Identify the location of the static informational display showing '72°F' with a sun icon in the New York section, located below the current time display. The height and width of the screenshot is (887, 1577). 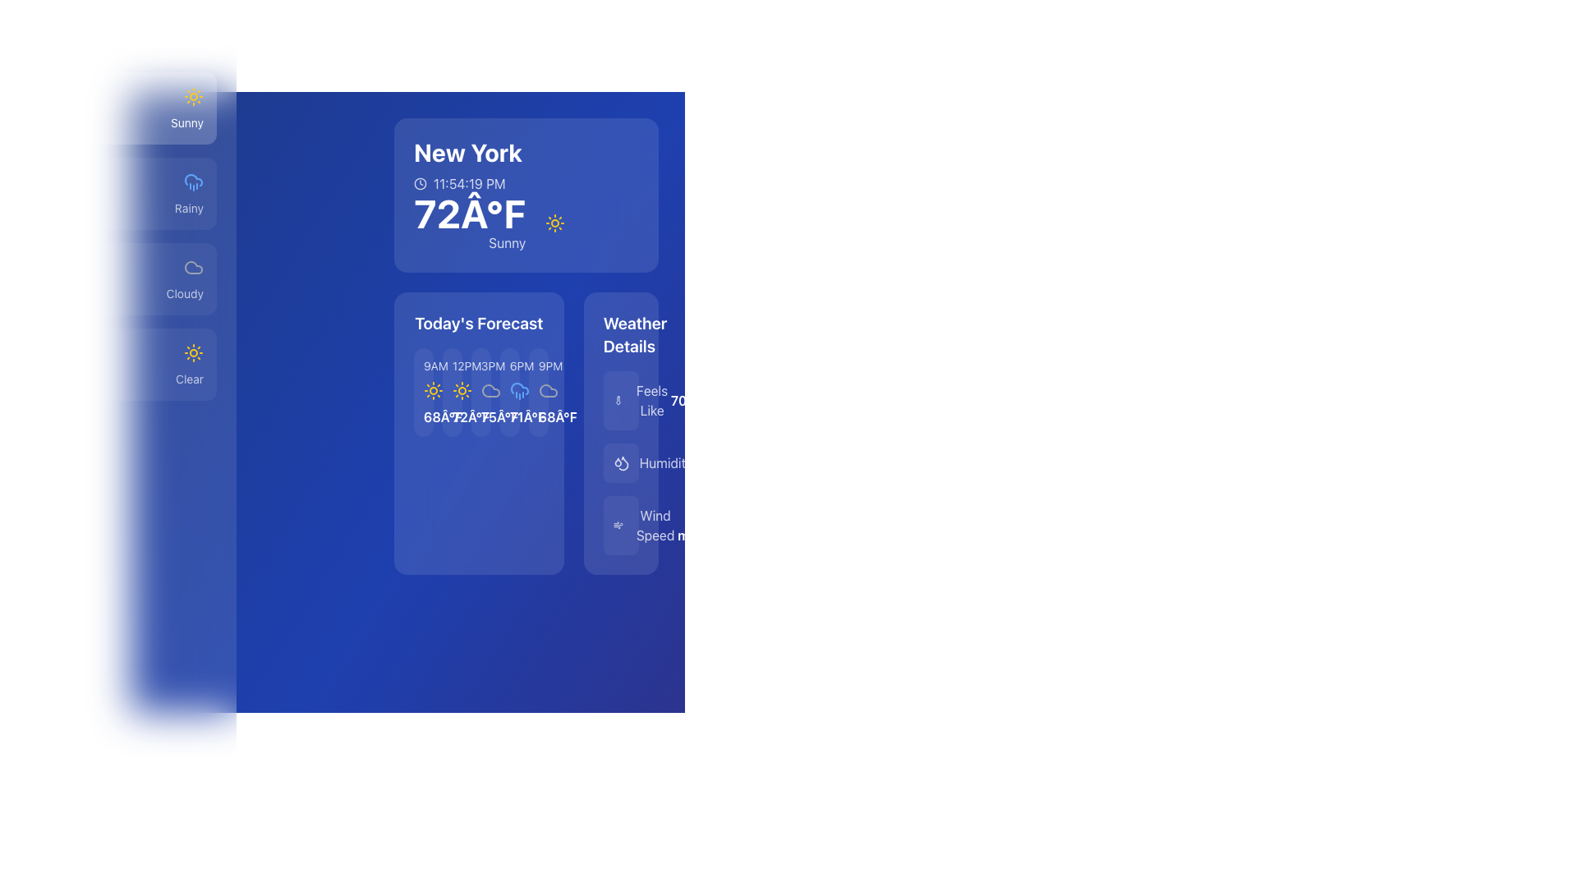
(489, 223).